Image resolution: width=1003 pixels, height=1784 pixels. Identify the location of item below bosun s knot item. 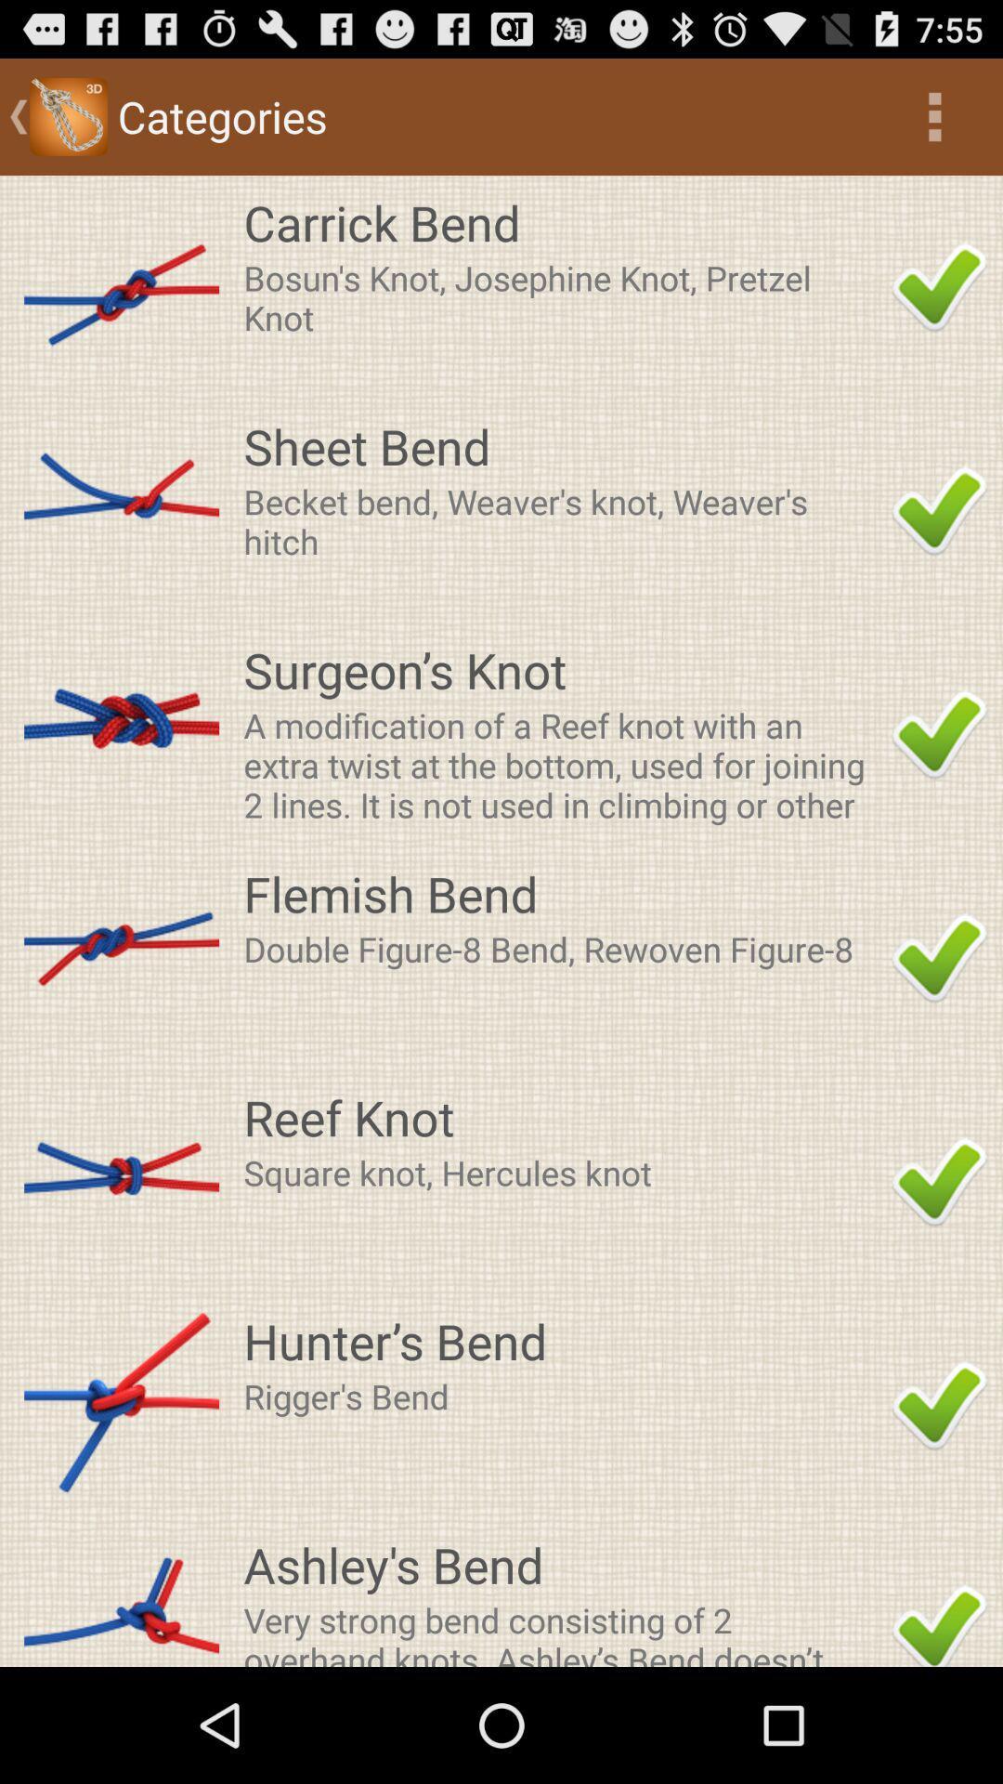
(561, 446).